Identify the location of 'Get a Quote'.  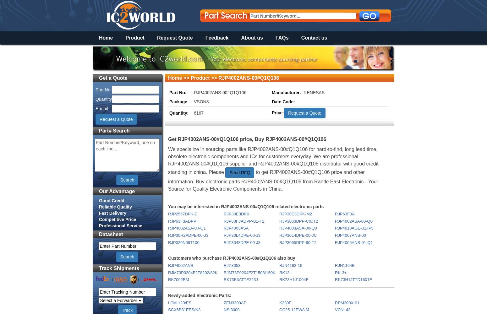
(113, 77).